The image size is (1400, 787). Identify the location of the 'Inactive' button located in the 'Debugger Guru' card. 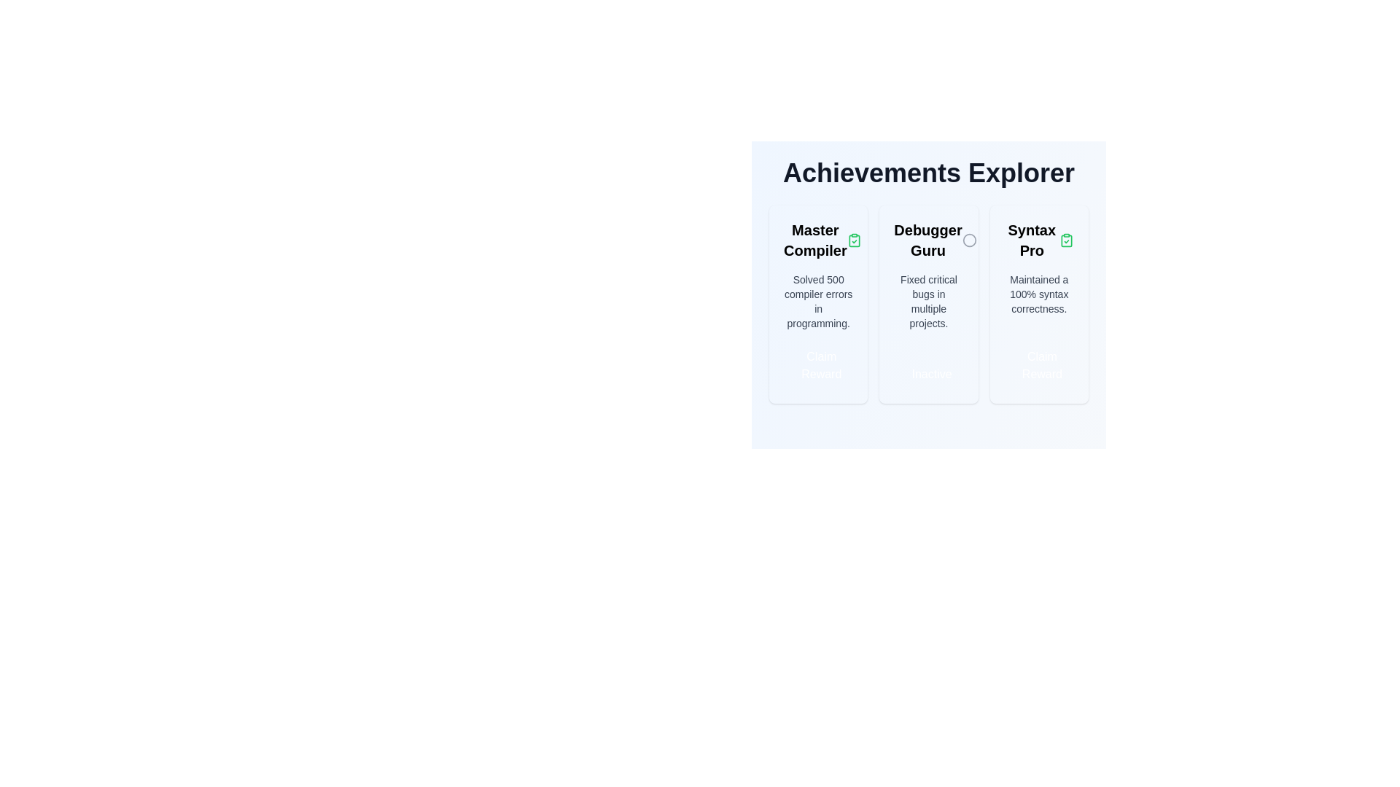
(927, 373).